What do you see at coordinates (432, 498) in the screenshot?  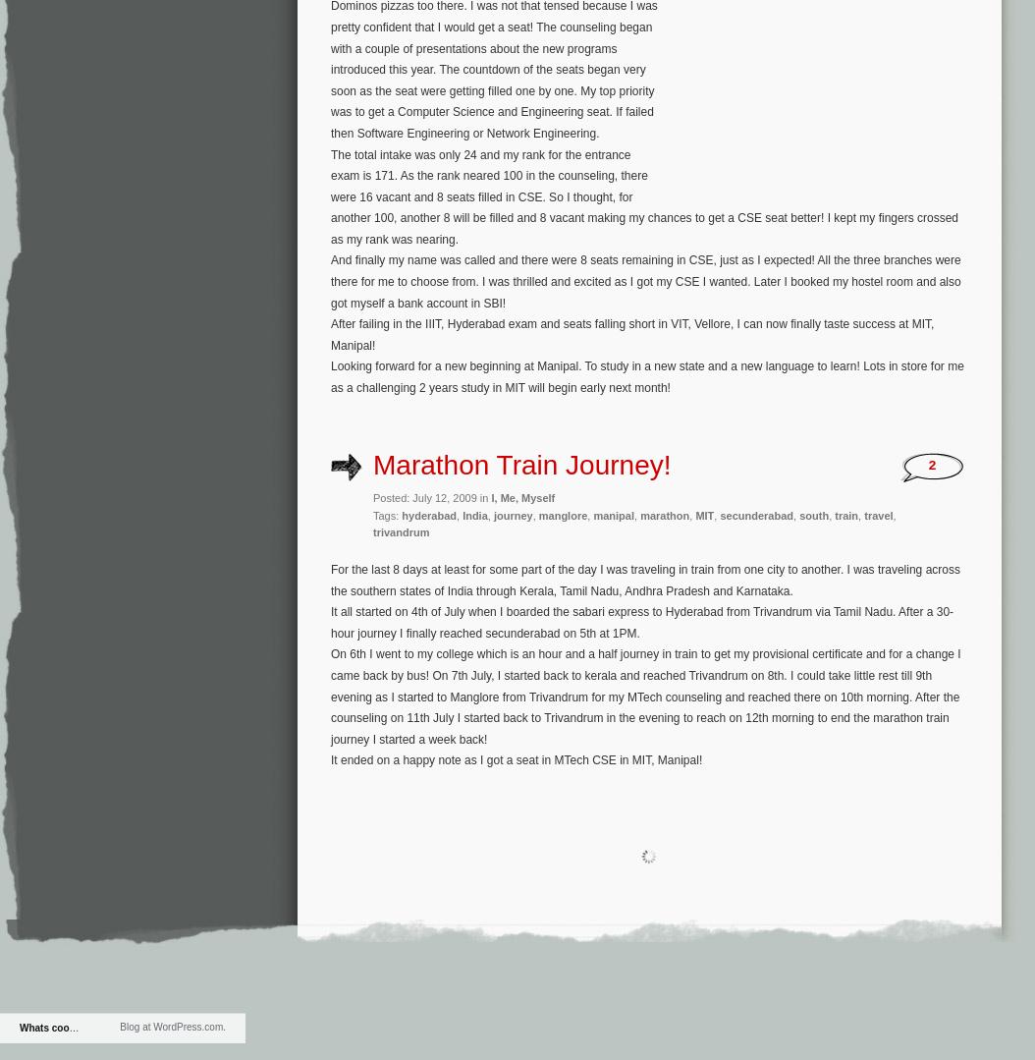 I see `'Posted: July 12, 2009 in'` at bounding box center [432, 498].